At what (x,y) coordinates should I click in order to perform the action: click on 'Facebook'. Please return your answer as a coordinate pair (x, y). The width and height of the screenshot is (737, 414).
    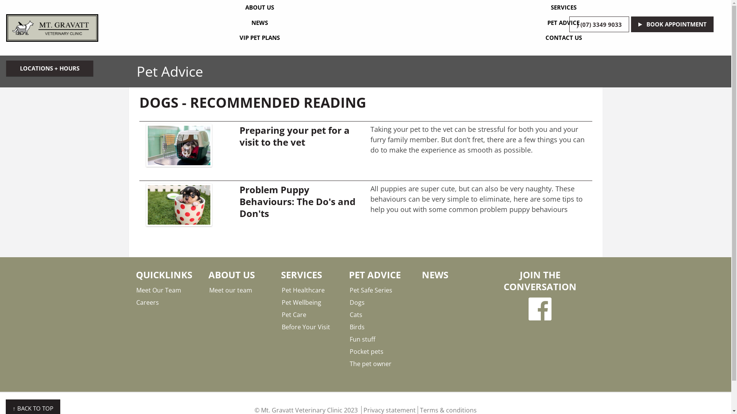
    Looking at the image, I should click on (539, 309).